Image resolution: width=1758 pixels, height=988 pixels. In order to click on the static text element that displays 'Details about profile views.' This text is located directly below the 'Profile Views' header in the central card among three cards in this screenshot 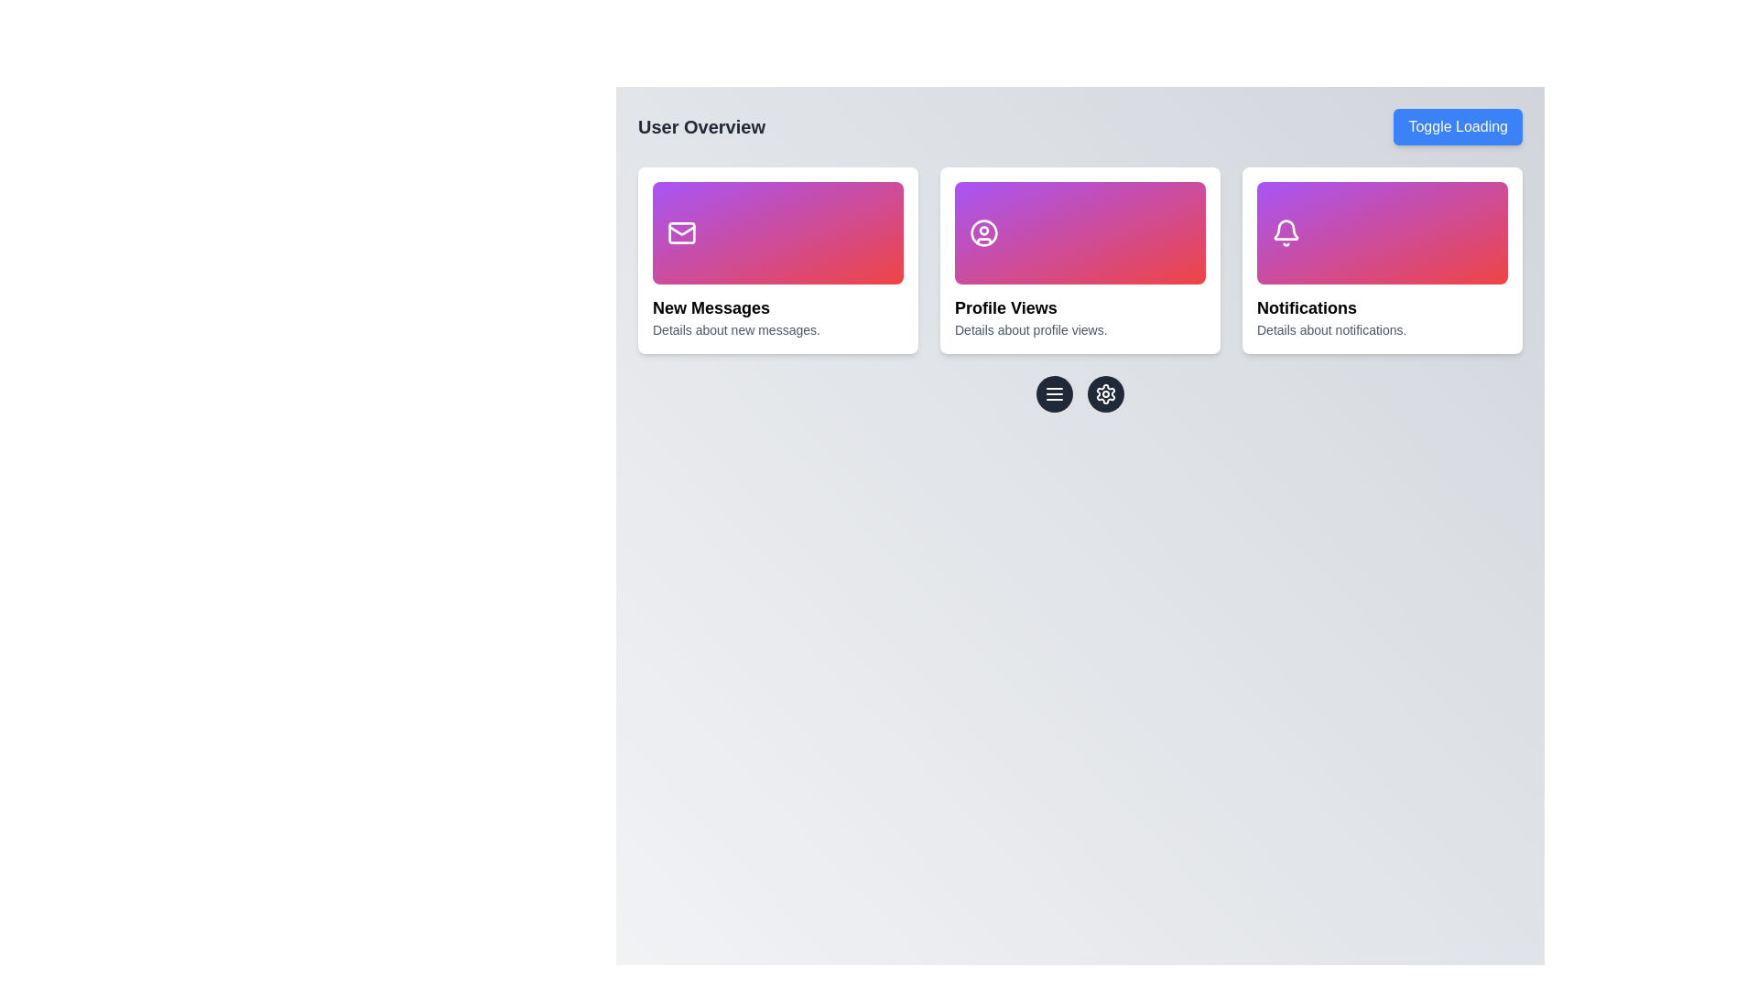, I will do `click(1031, 330)`.